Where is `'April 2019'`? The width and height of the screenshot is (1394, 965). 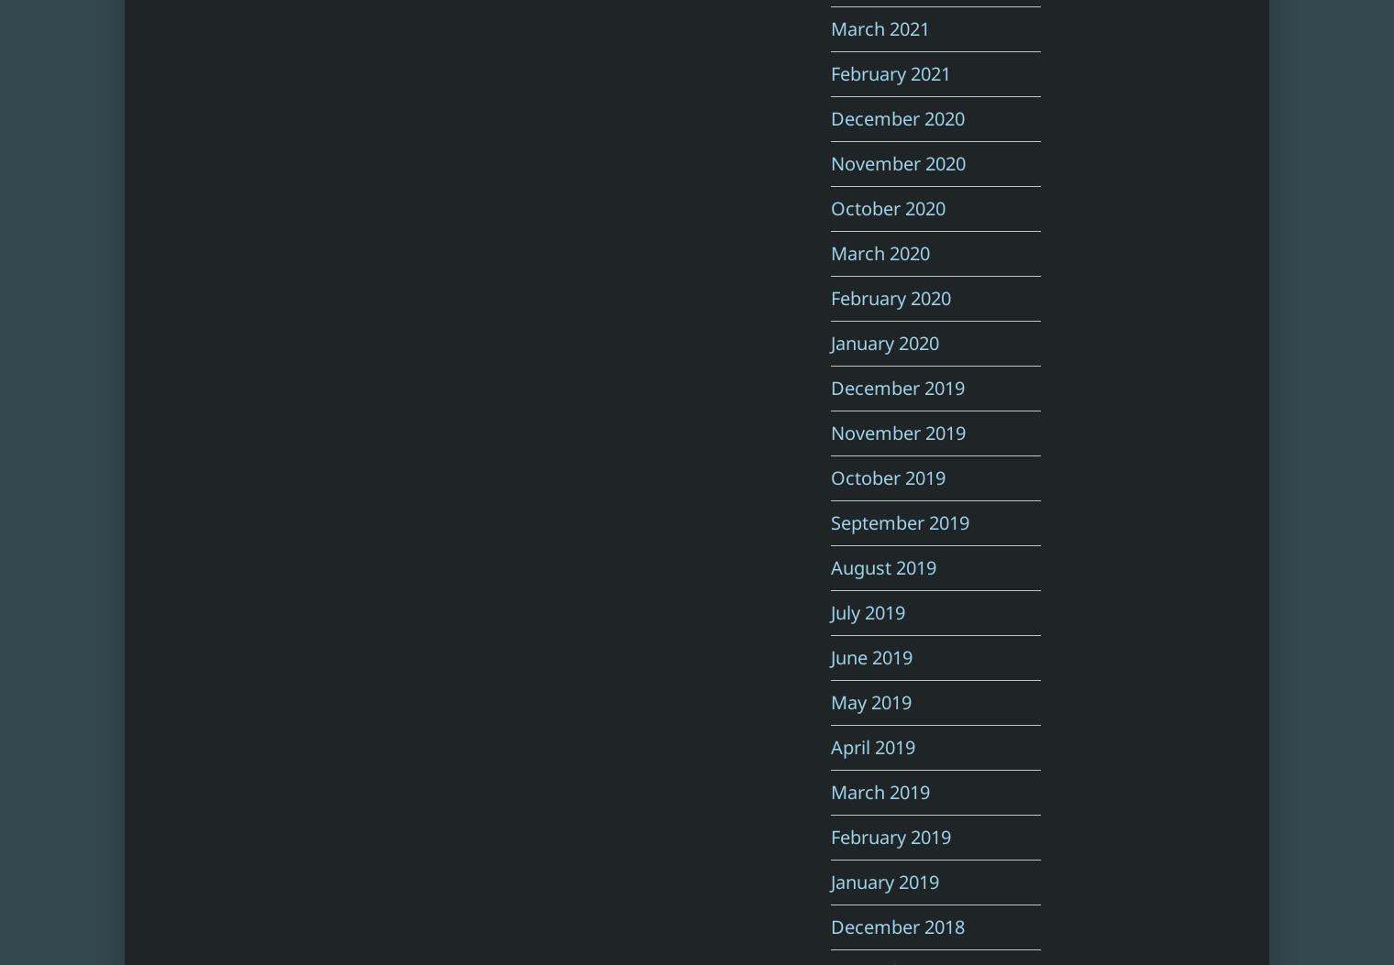
'April 2019' is located at coordinates (871, 746).